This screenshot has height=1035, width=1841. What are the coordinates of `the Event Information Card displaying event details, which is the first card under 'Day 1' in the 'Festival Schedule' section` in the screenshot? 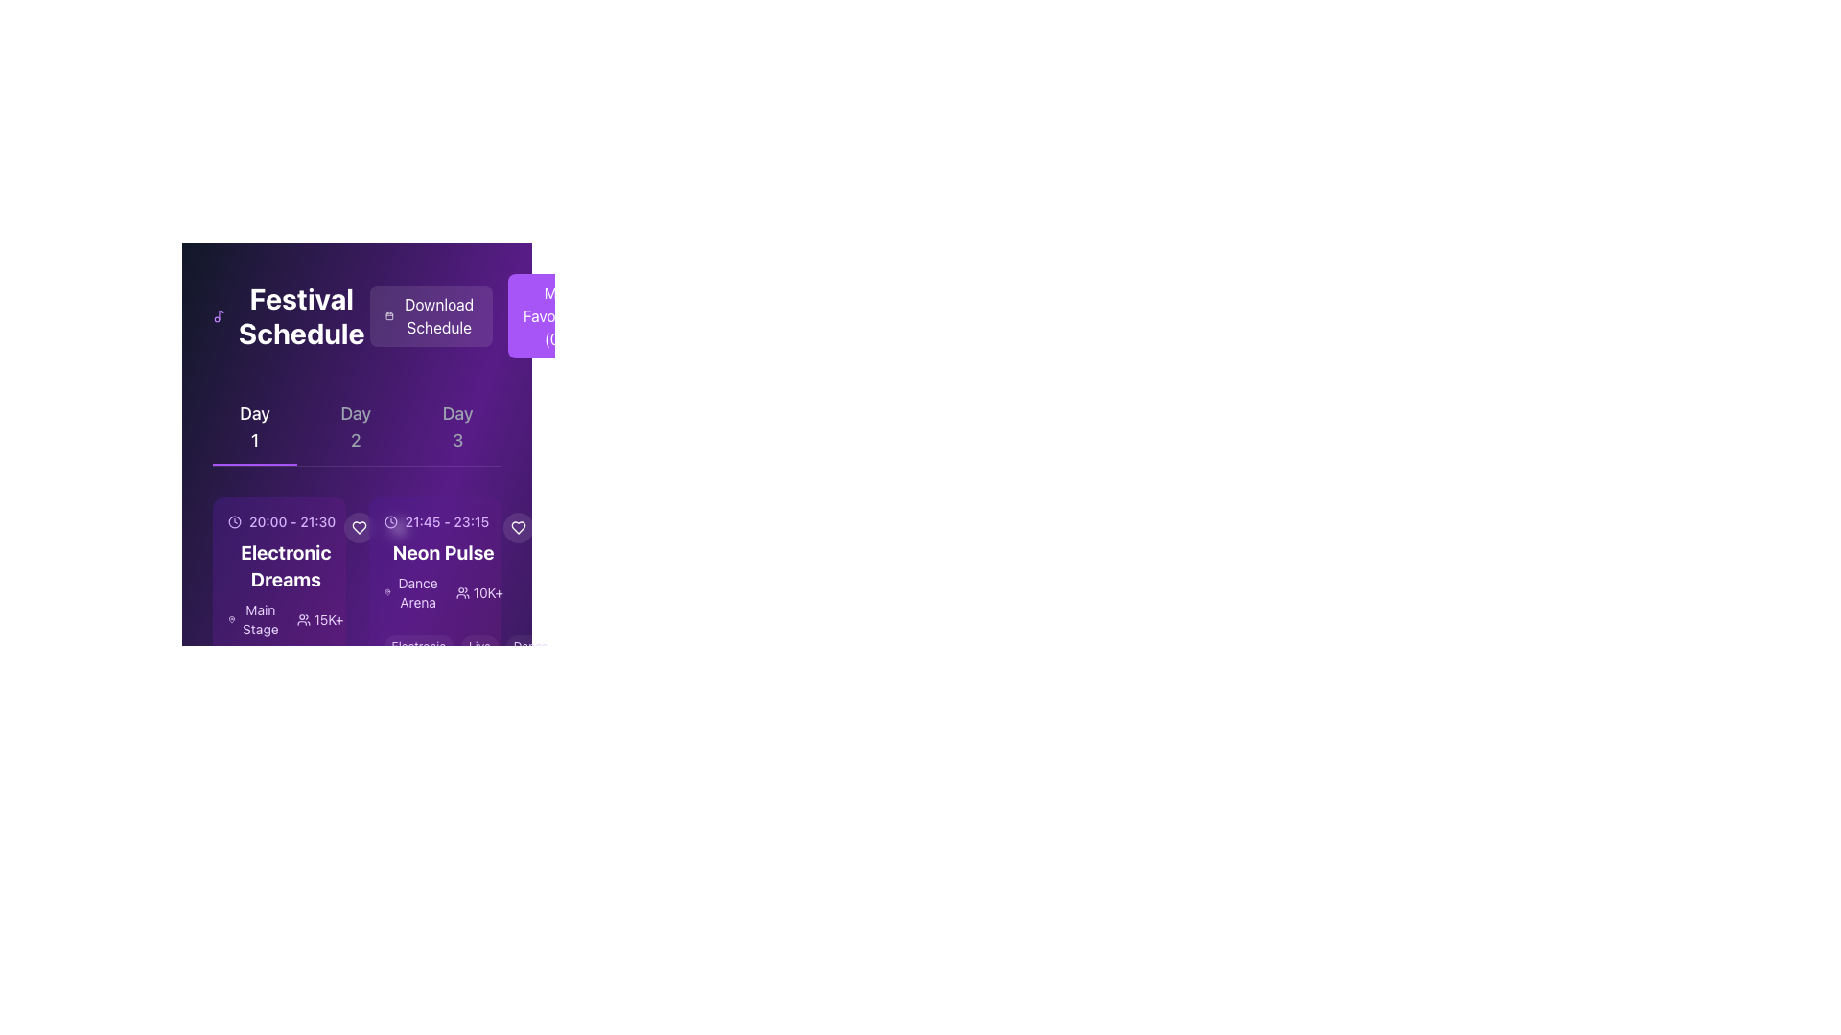 It's located at (278, 575).